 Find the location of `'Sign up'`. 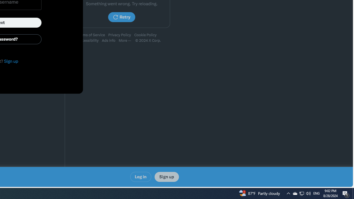

'Sign up' is located at coordinates (166, 177).